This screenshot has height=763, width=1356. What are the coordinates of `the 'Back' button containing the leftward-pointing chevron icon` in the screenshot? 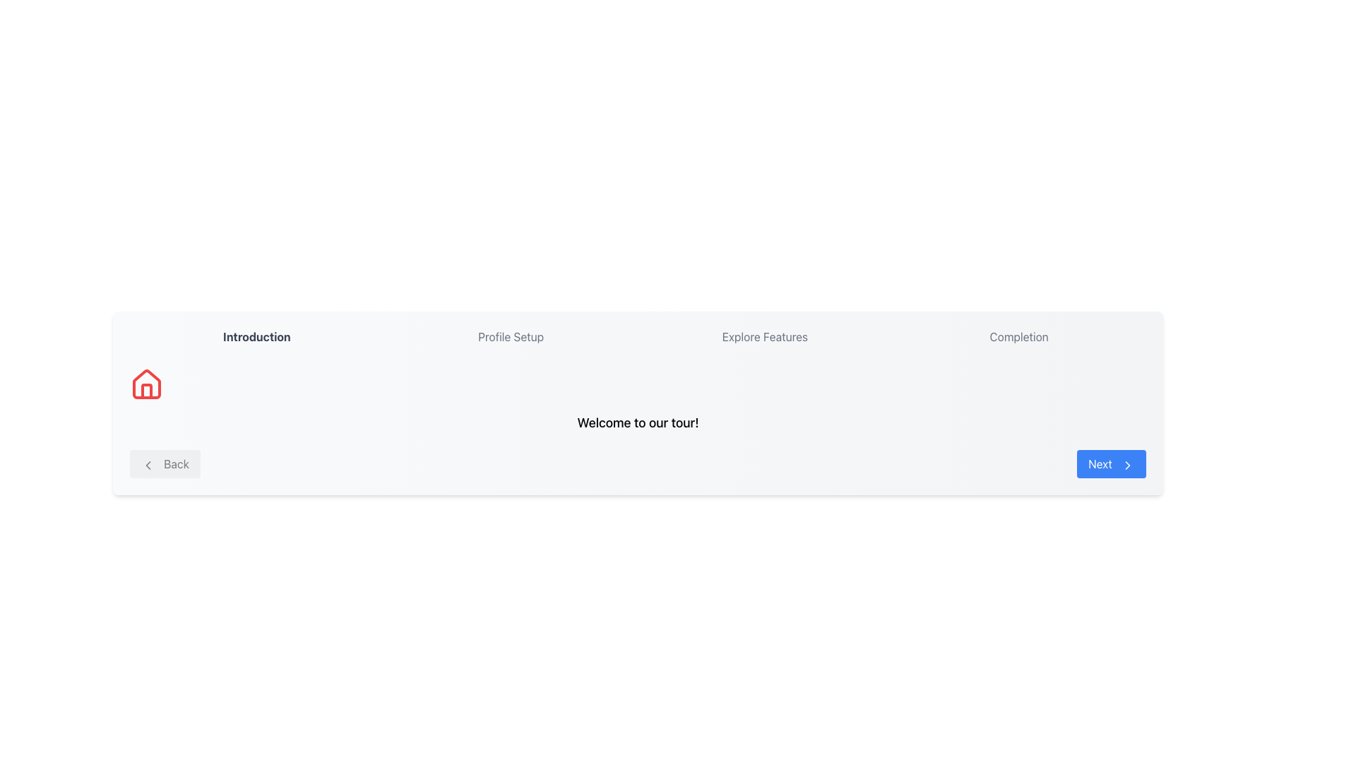 It's located at (148, 465).